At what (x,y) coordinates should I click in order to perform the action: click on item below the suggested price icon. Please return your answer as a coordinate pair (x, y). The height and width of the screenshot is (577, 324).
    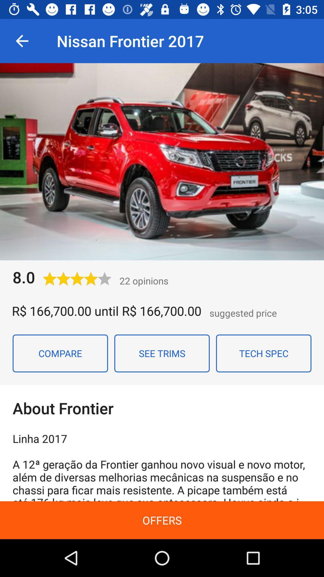
    Looking at the image, I should click on (263, 353).